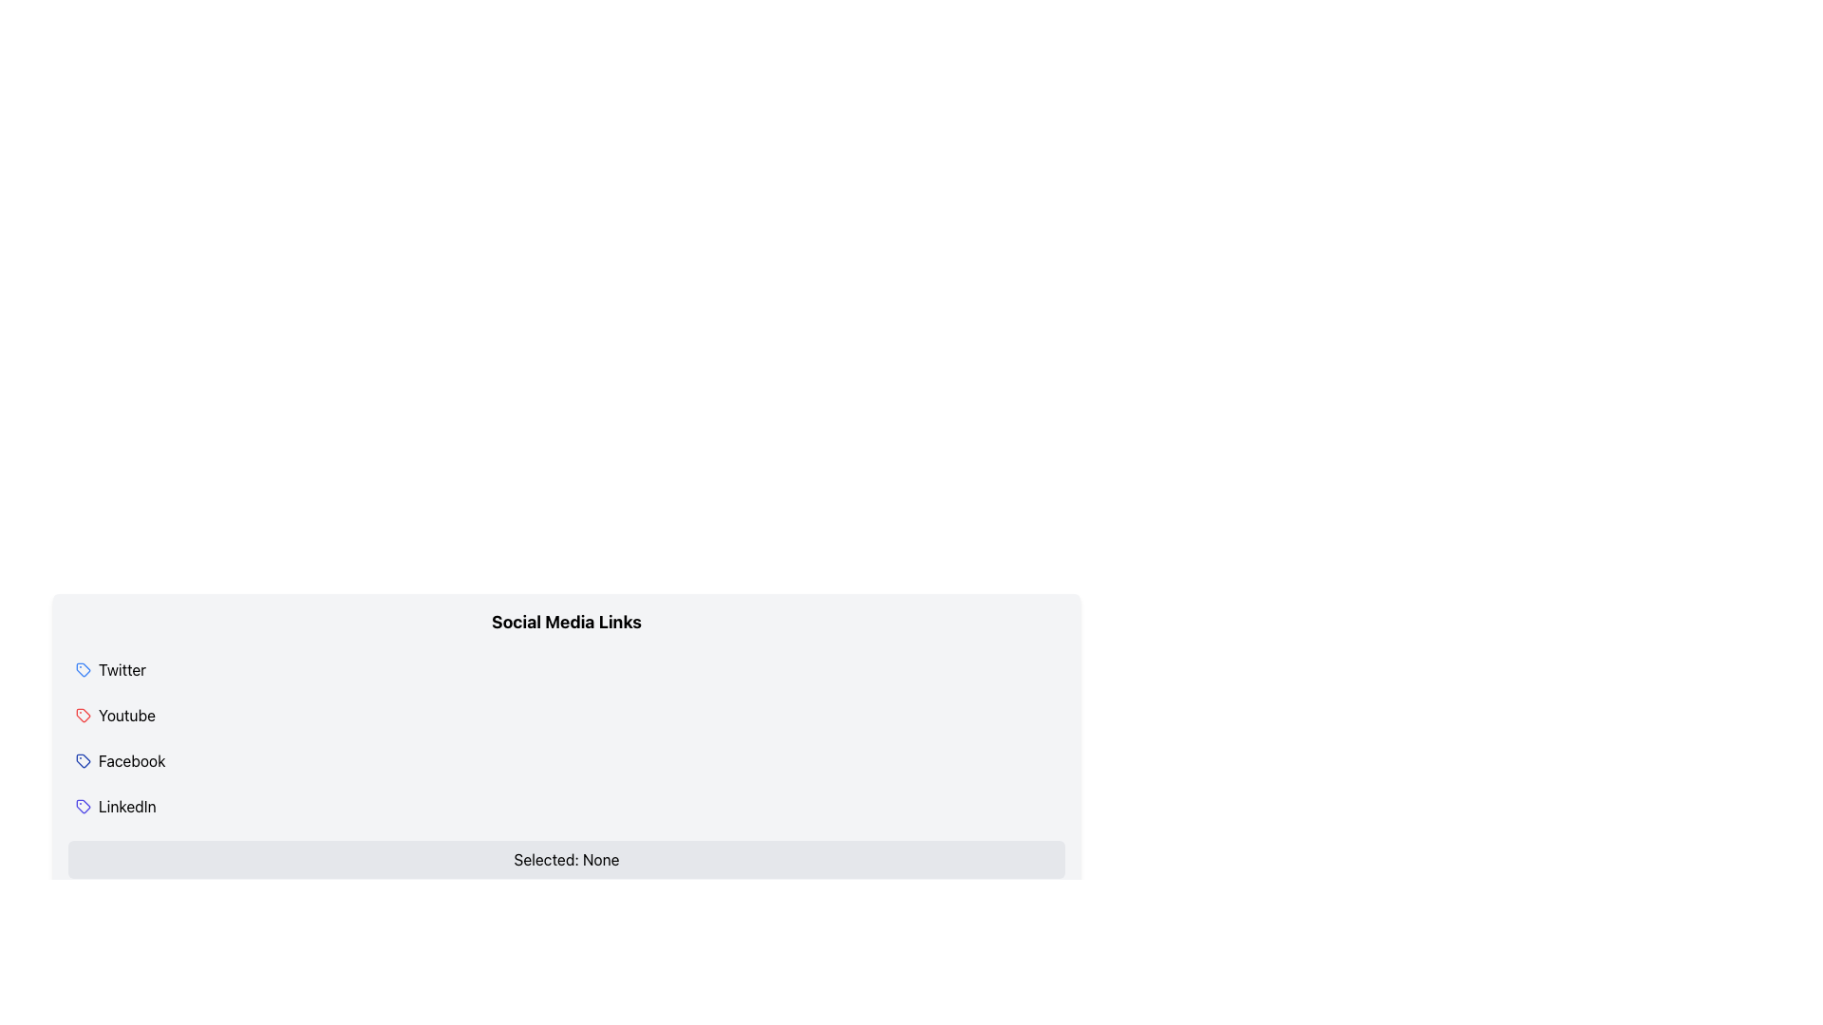 This screenshot has width=1823, height=1025. I want to click on the 'Youtube' text label, which is styled in a standard sans-serif font and located next to a red tag icon, positioned in the list of social media links, so click(126, 715).